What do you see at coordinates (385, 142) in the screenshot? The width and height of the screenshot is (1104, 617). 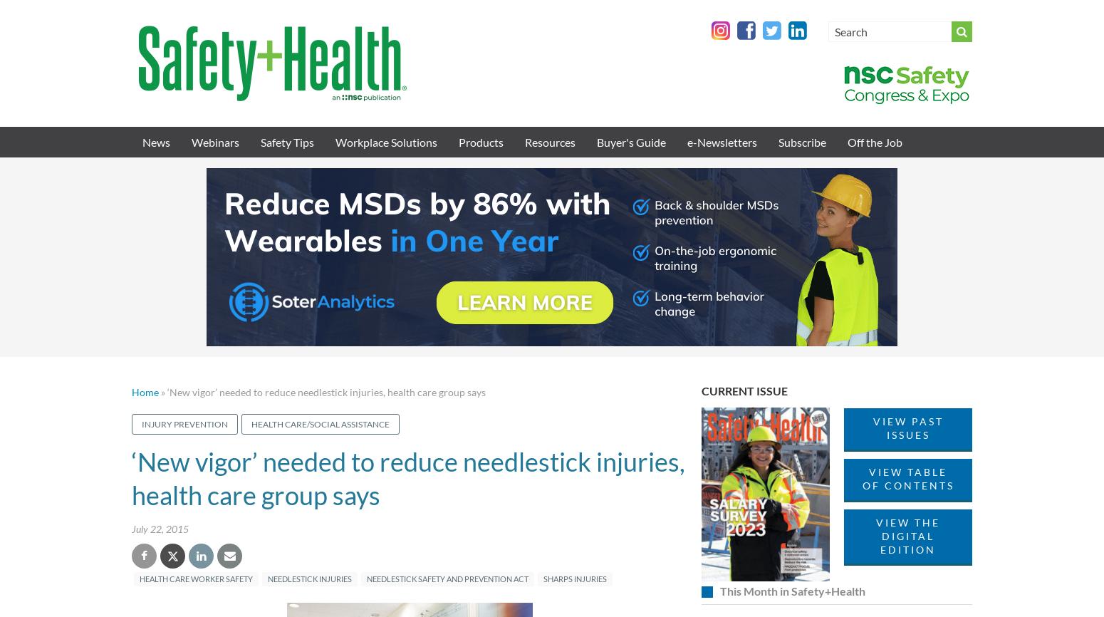 I see `'Workplace Solutions'` at bounding box center [385, 142].